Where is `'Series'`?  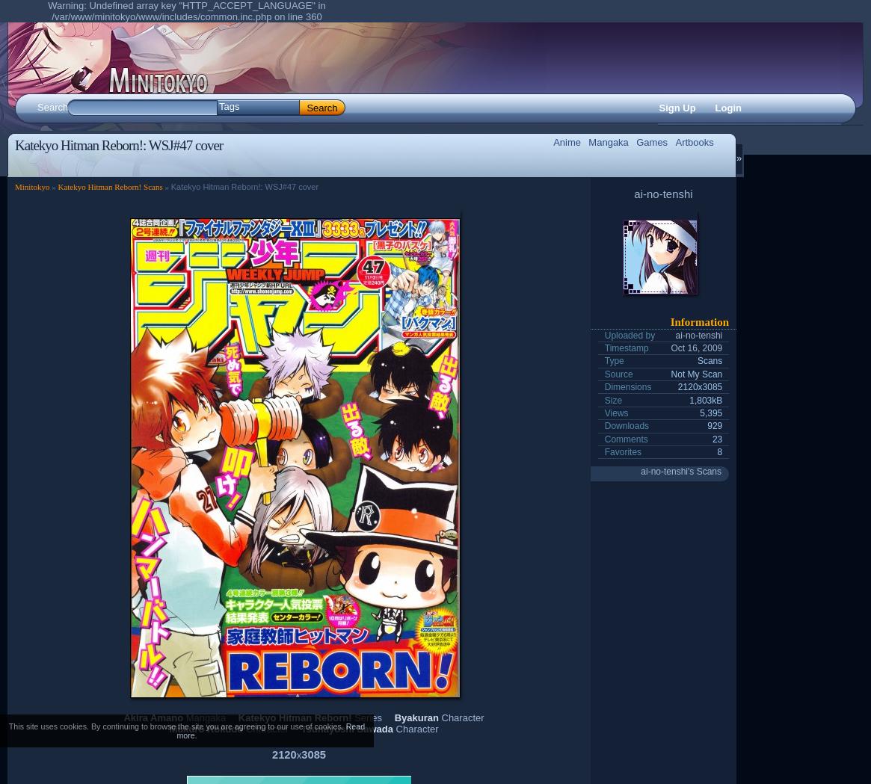
'Series' is located at coordinates (366, 717).